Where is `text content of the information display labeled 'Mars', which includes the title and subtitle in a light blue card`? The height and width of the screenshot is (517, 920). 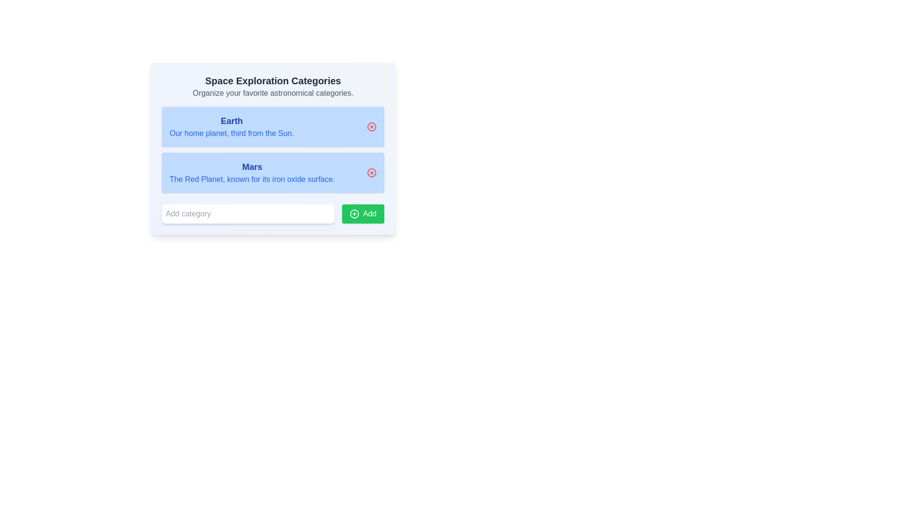 text content of the information display labeled 'Mars', which includes the title and subtitle in a light blue card is located at coordinates (252, 173).